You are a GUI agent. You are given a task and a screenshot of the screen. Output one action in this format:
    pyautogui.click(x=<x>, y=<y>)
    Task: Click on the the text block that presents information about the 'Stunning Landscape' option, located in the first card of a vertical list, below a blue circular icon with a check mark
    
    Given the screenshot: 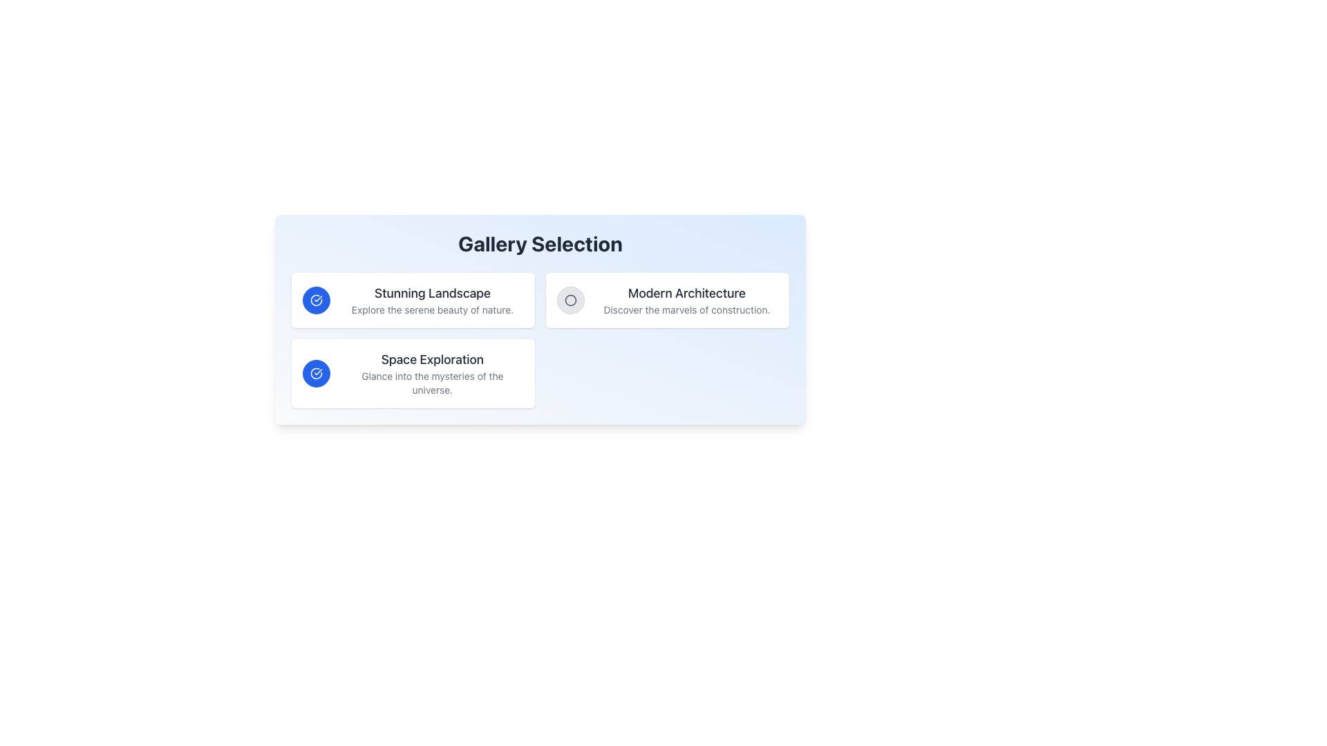 What is the action you would take?
    pyautogui.click(x=431, y=300)
    